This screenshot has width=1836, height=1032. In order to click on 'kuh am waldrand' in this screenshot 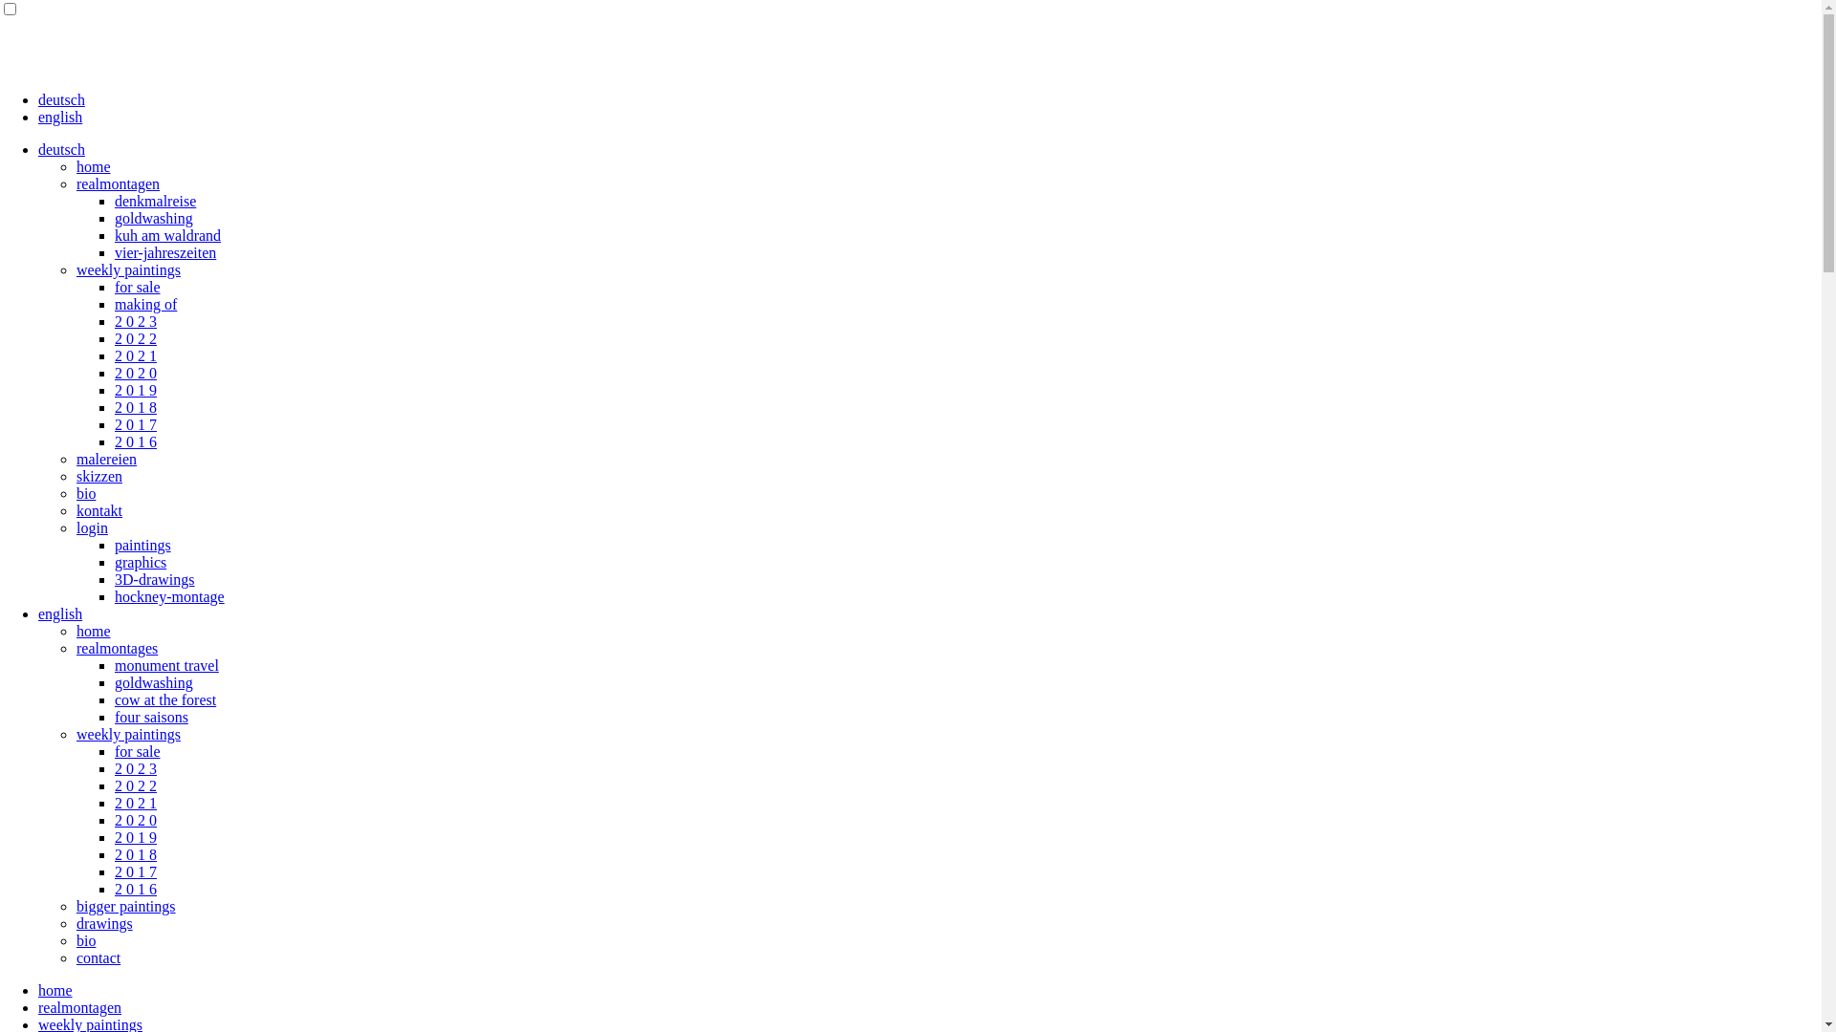, I will do `click(114, 234)`.